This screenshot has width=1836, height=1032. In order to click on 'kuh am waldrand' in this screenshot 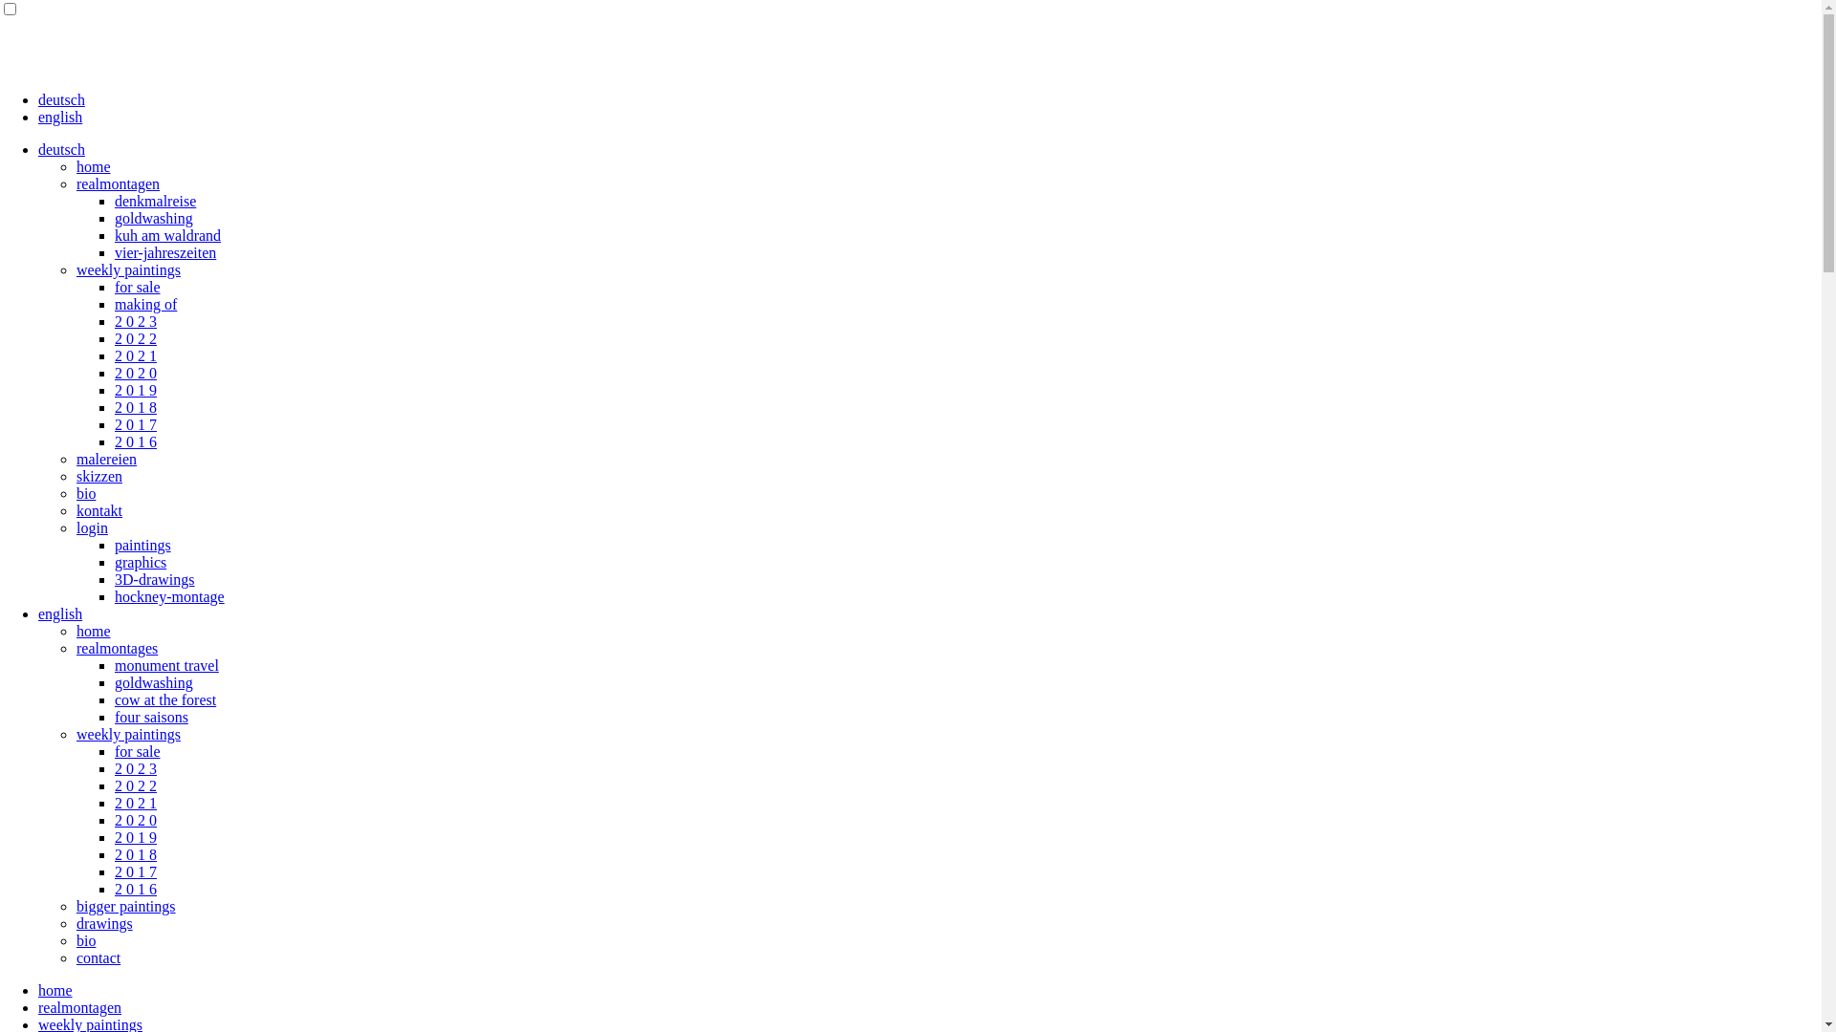, I will do `click(114, 234)`.